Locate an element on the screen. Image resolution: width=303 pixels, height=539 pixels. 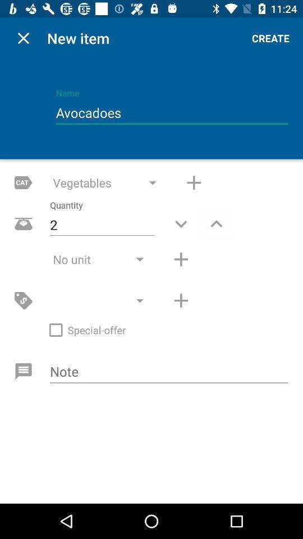
increase is located at coordinates (216, 223).